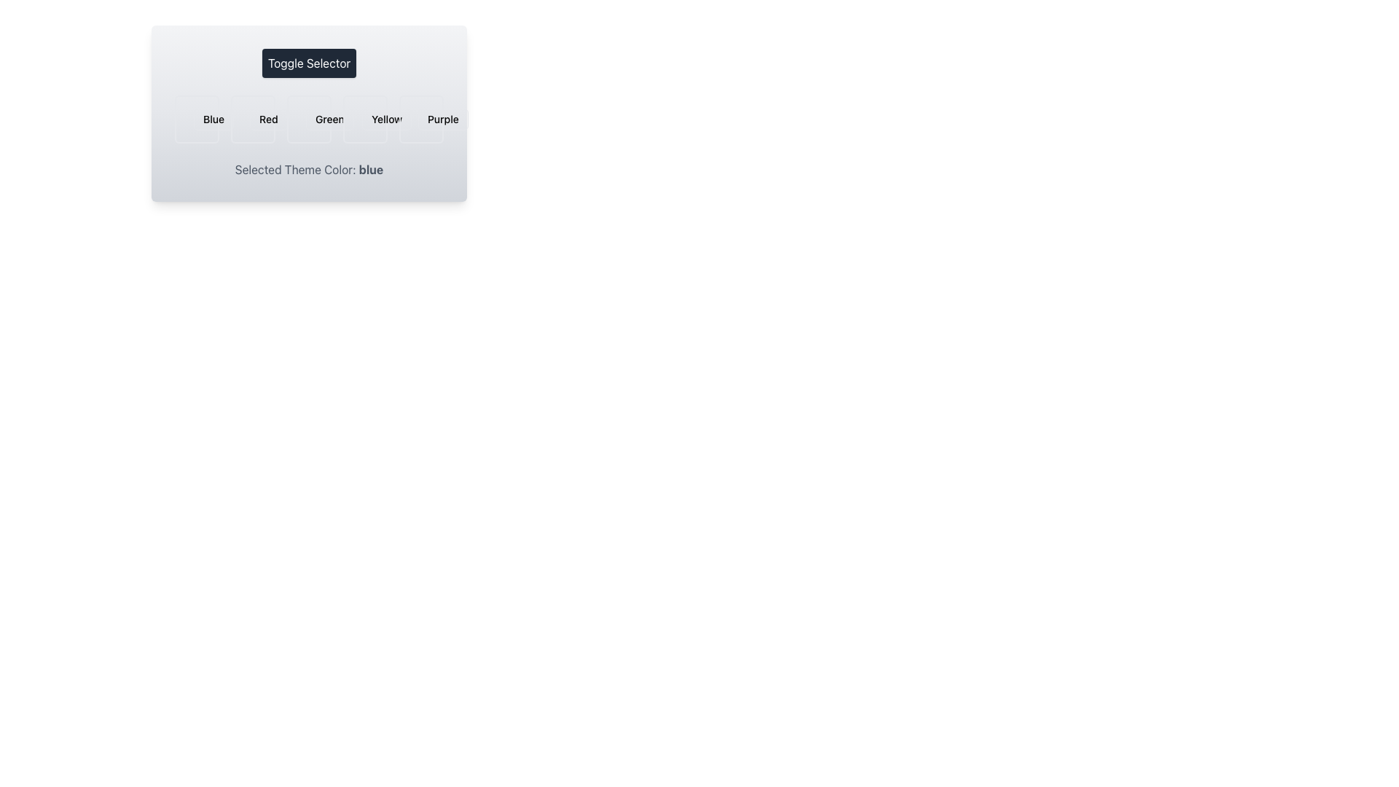  I want to click on the rectangular button with rounded corners labeled 'Purple', so click(442, 119).